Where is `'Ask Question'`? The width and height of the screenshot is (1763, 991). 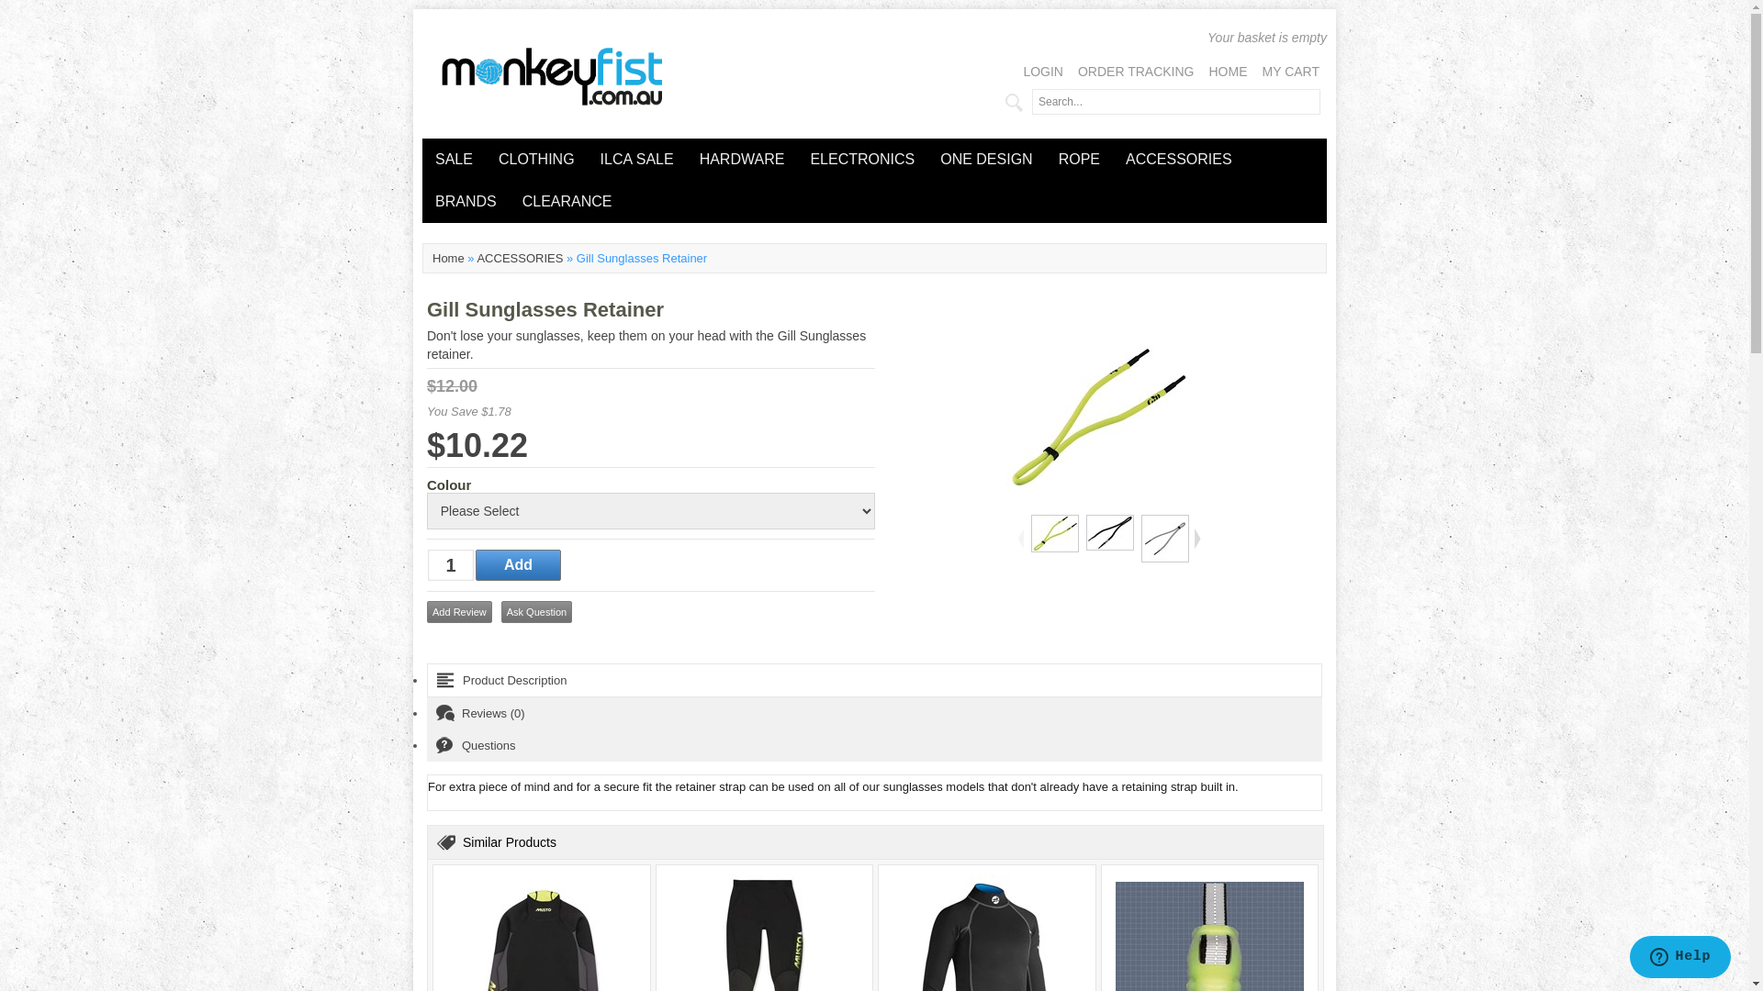 'Ask Question' is located at coordinates (535, 612).